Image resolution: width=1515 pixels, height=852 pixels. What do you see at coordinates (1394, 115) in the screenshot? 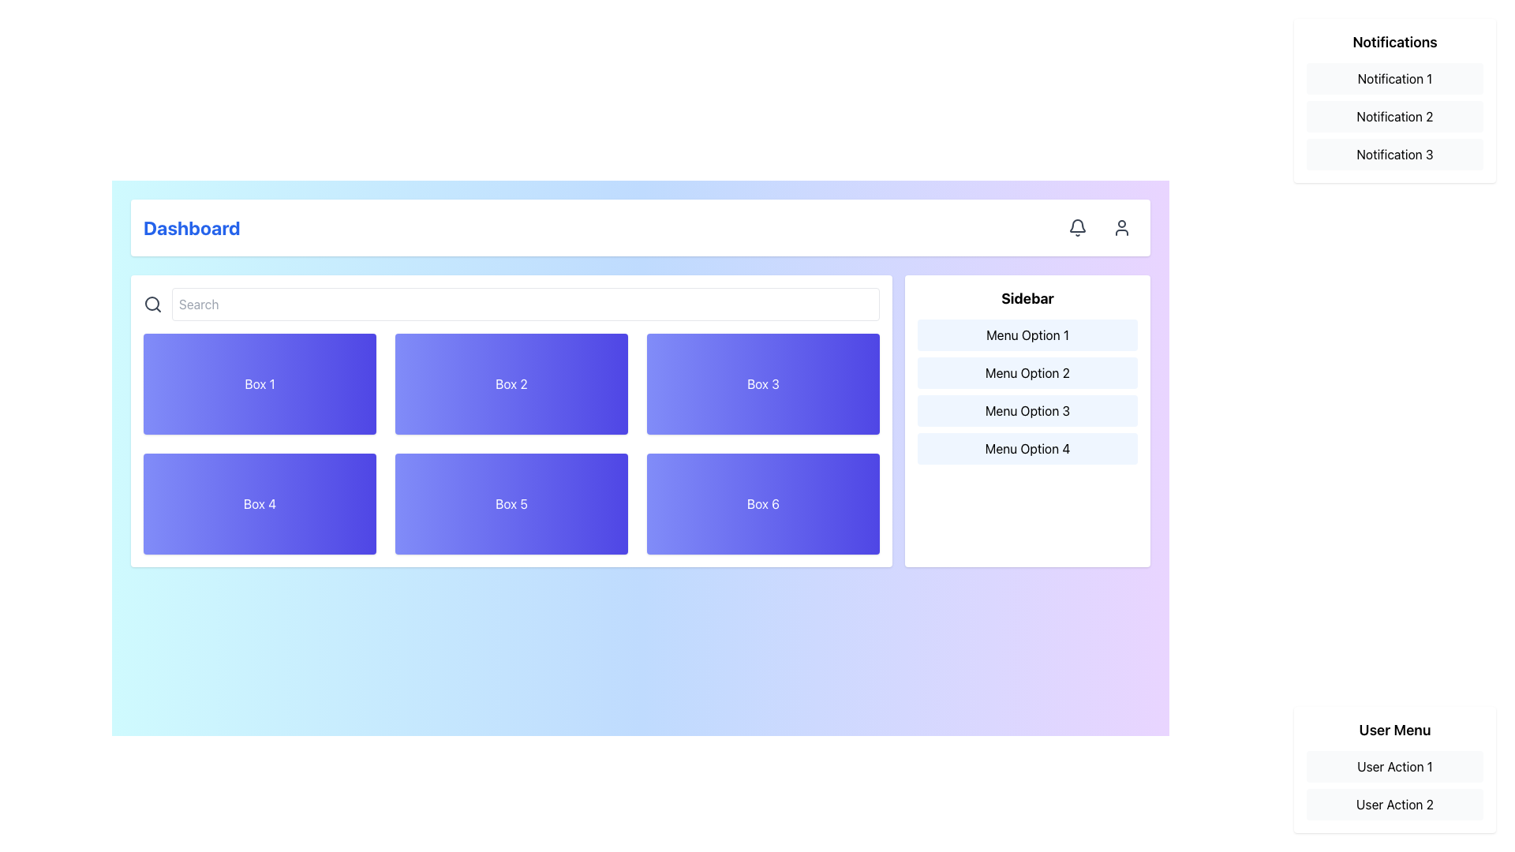
I see `the static text item displaying 'Notification 2' in the notification list, which is the second item in a vertical list of notifications` at bounding box center [1394, 115].